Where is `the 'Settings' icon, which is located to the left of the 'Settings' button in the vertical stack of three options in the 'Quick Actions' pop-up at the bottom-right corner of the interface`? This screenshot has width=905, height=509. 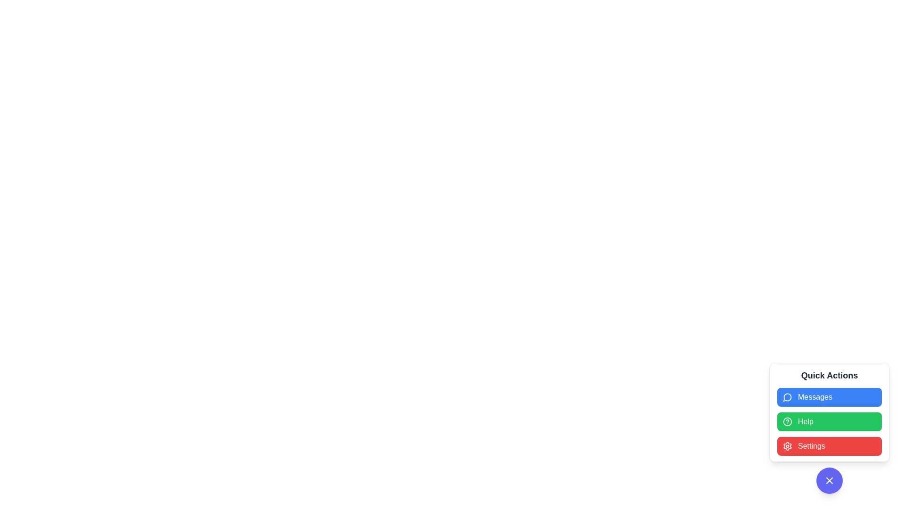 the 'Settings' icon, which is located to the left of the 'Settings' button in the vertical stack of three options in the 'Quick Actions' pop-up at the bottom-right corner of the interface is located at coordinates (787, 446).